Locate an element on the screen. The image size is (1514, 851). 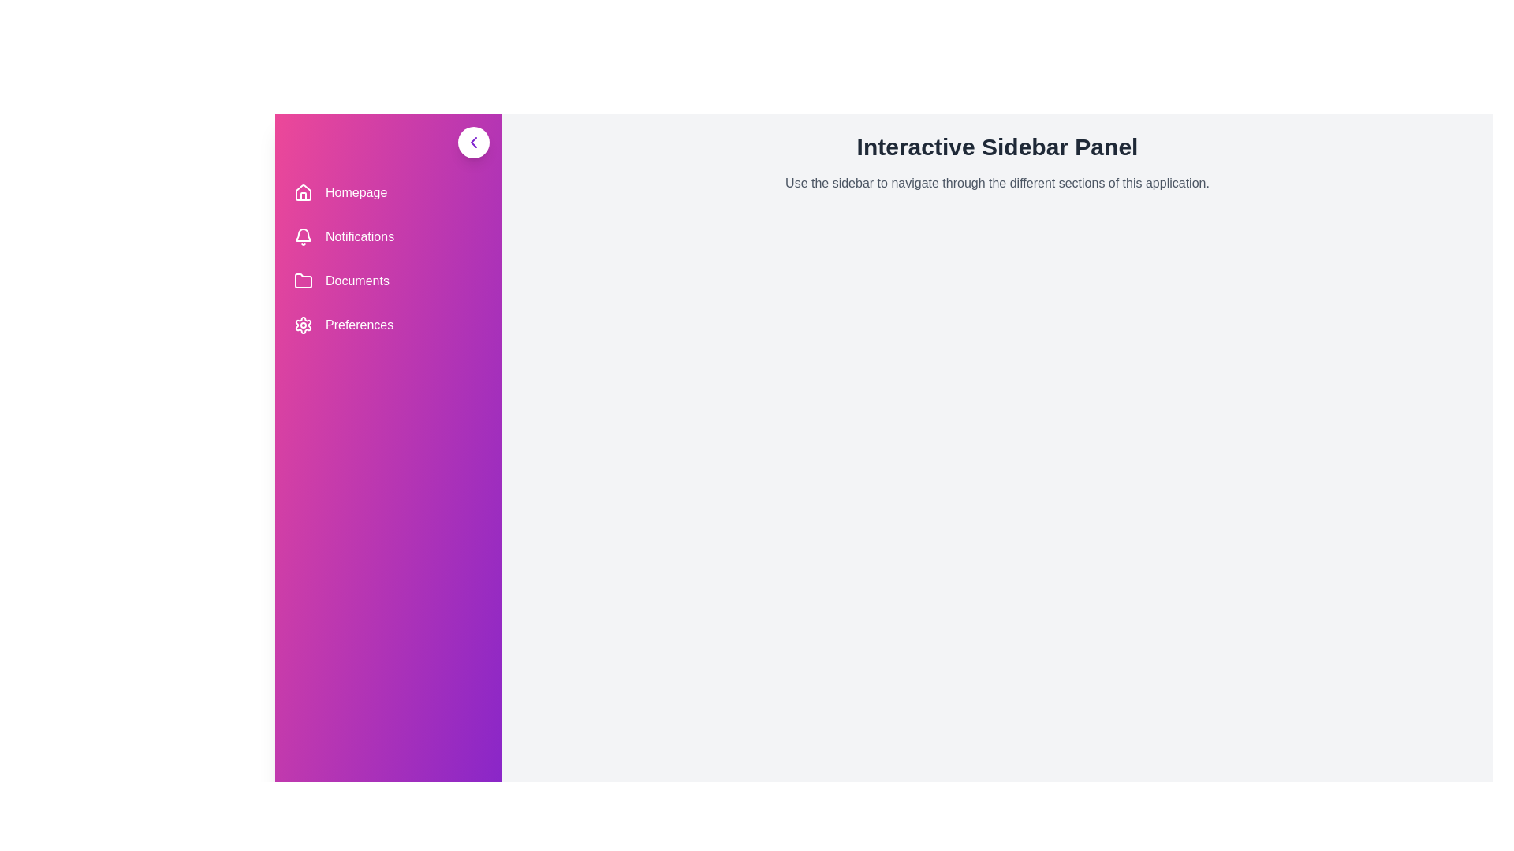
the sidebar menu item Documents is located at coordinates (389, 281).